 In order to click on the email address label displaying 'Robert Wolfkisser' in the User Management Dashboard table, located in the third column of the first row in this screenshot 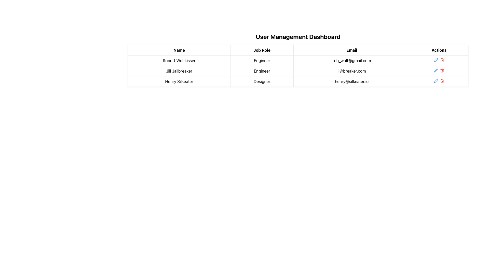, I will do `click(351, 60)`.